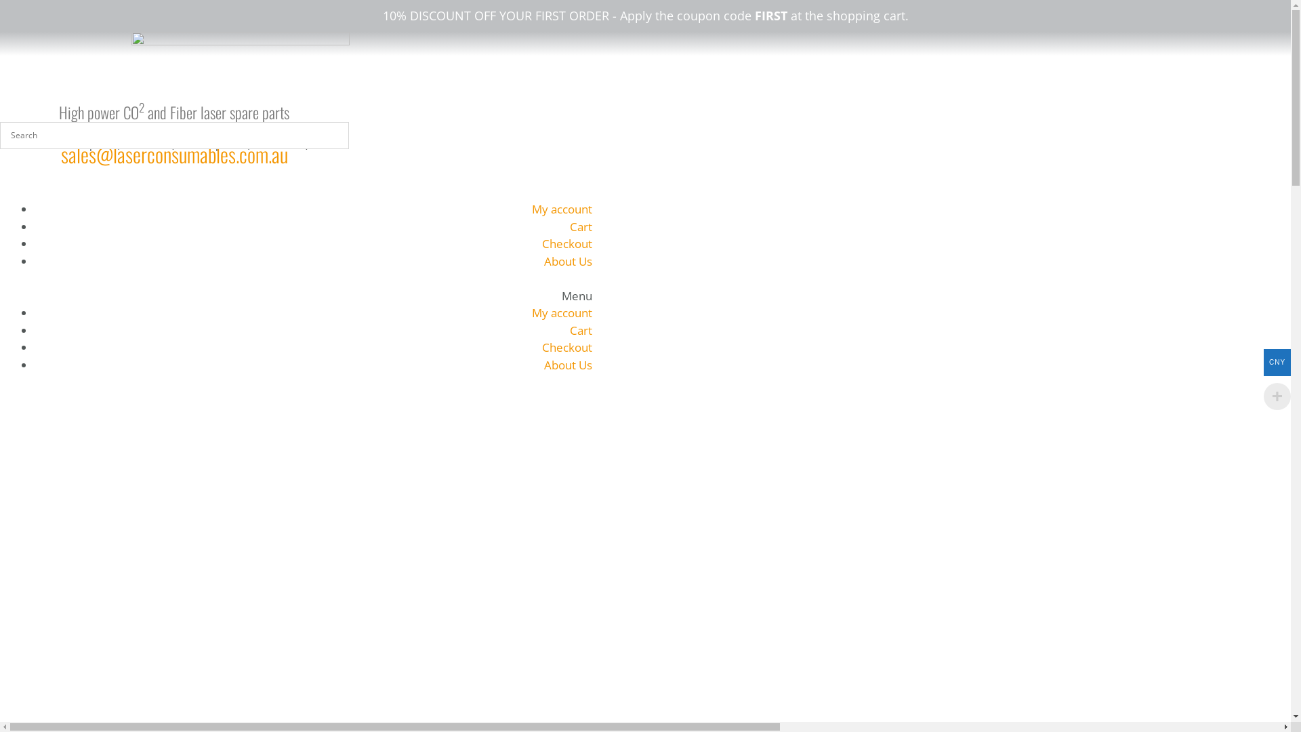 This screenshot has height=732, width=1301. Describe the element at coordinates (173, 153) in the screenshot. I see `'sales@laserconsumables.com.au'` at that location.